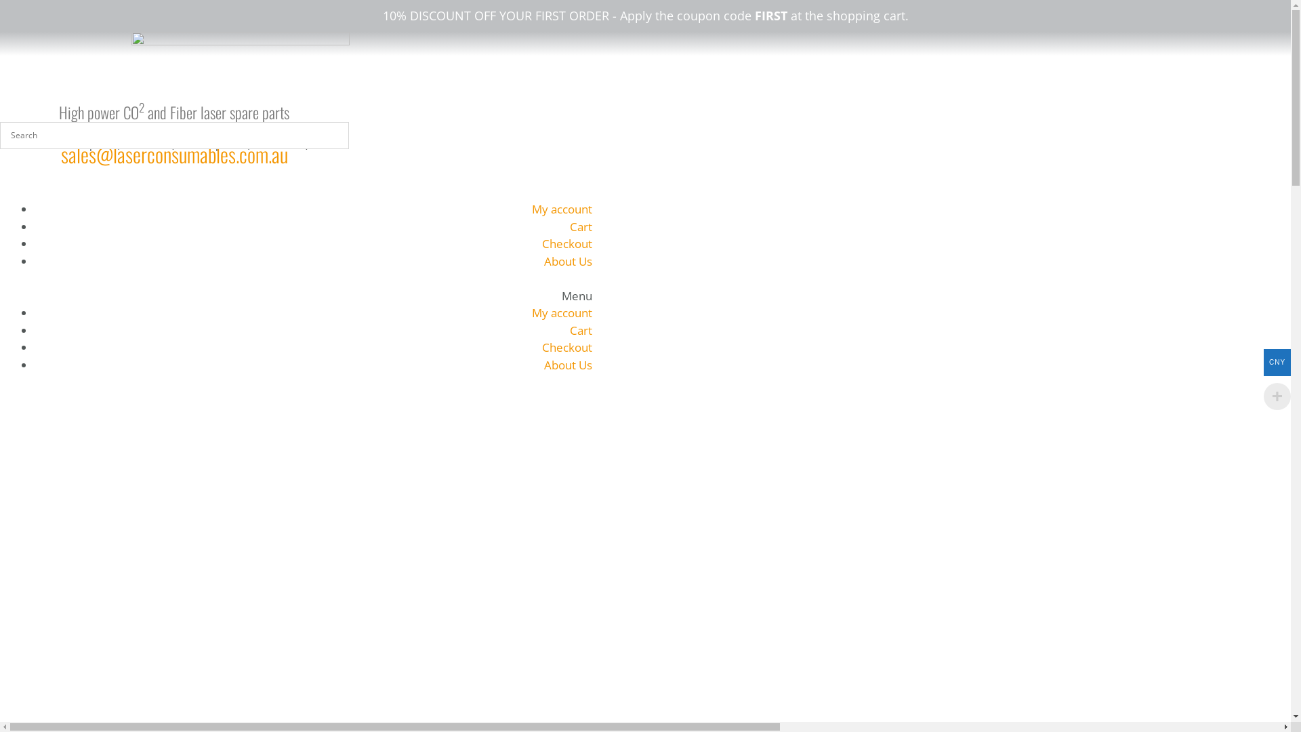 This screenshot has height=732, width=1301. Describe the element at coordinates (173, 153) in the screenshot. I see `'sales@laserconsumables.com.au'` at that location.